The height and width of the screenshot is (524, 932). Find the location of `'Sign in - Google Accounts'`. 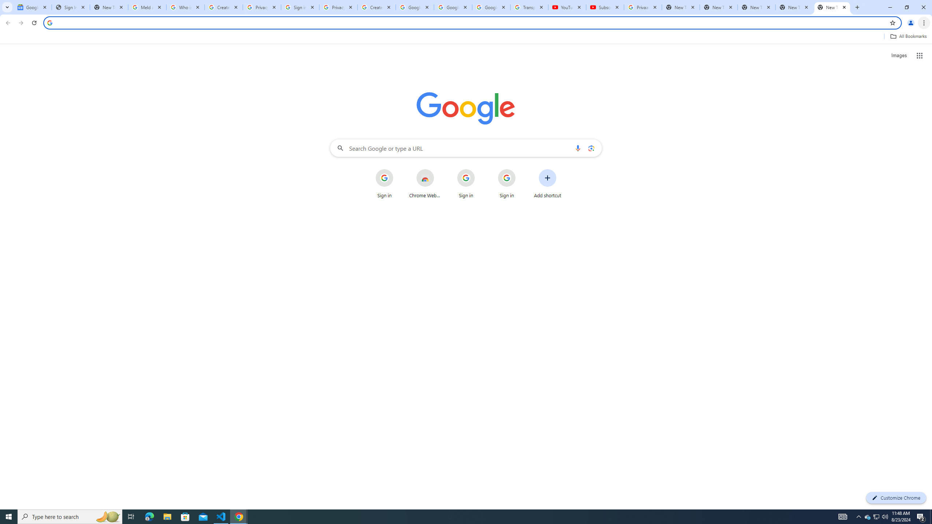

'Sign in - Google Accounts' is located at coordinates (300, 7).